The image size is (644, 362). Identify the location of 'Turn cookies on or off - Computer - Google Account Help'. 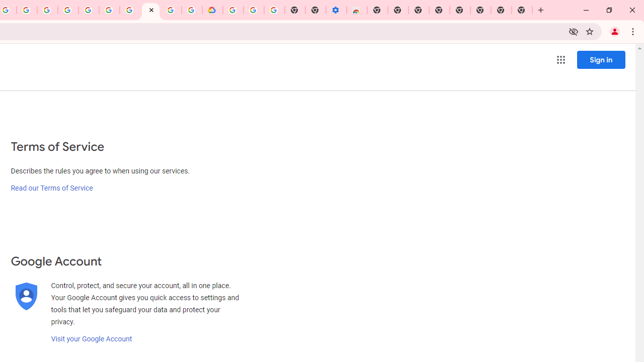
(274, 10).